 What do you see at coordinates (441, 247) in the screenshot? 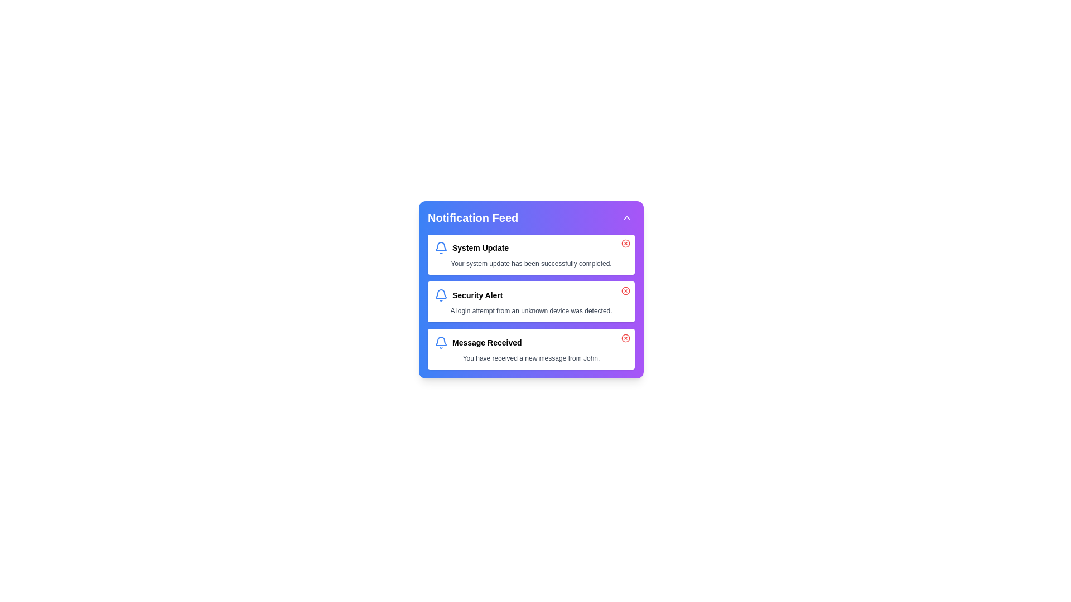
I see `the bell icon indicating a notification for the 'System Update'` at bounding box center [441, 247].